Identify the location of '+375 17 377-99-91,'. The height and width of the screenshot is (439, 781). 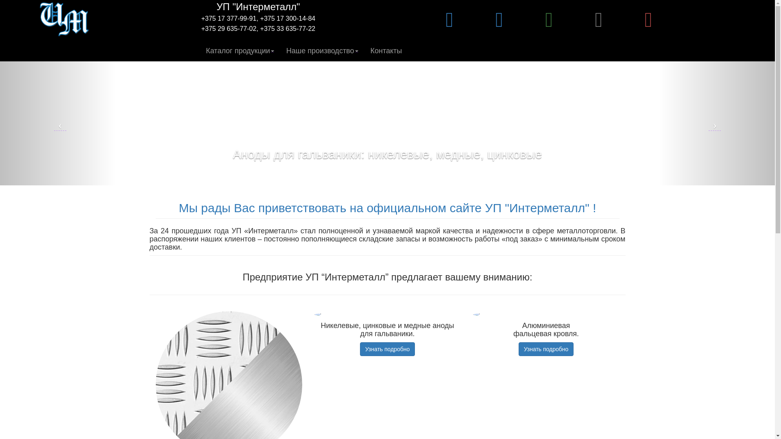
(229, 18).